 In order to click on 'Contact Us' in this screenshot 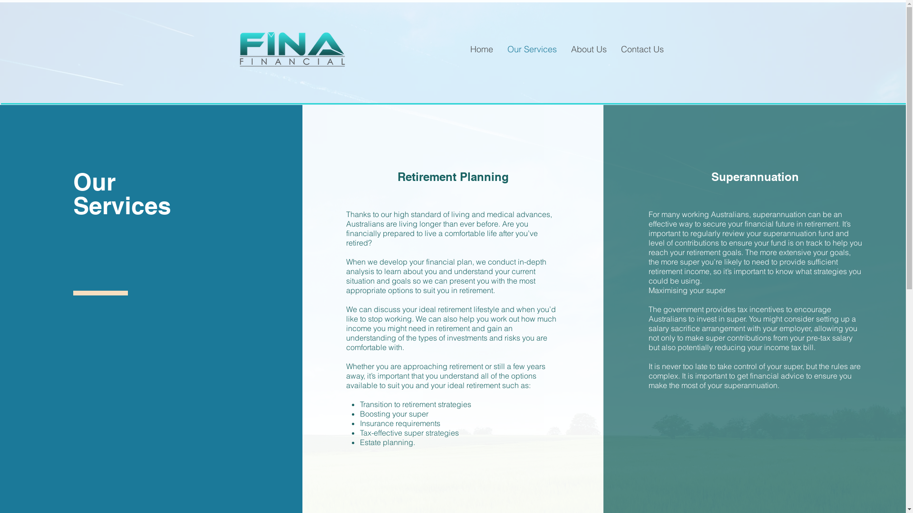, I will do `click(613, 49)`.